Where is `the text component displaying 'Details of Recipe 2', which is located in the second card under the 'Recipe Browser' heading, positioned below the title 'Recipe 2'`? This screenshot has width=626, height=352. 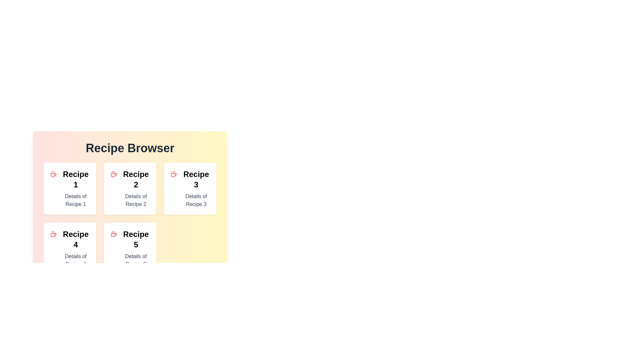 the text component displaying 'Details of Recipe 2', which is located in the second card under the 'Recipe Browser' heading, positioned below the title 'Recipe 2' is located at coordinates (136, 200).